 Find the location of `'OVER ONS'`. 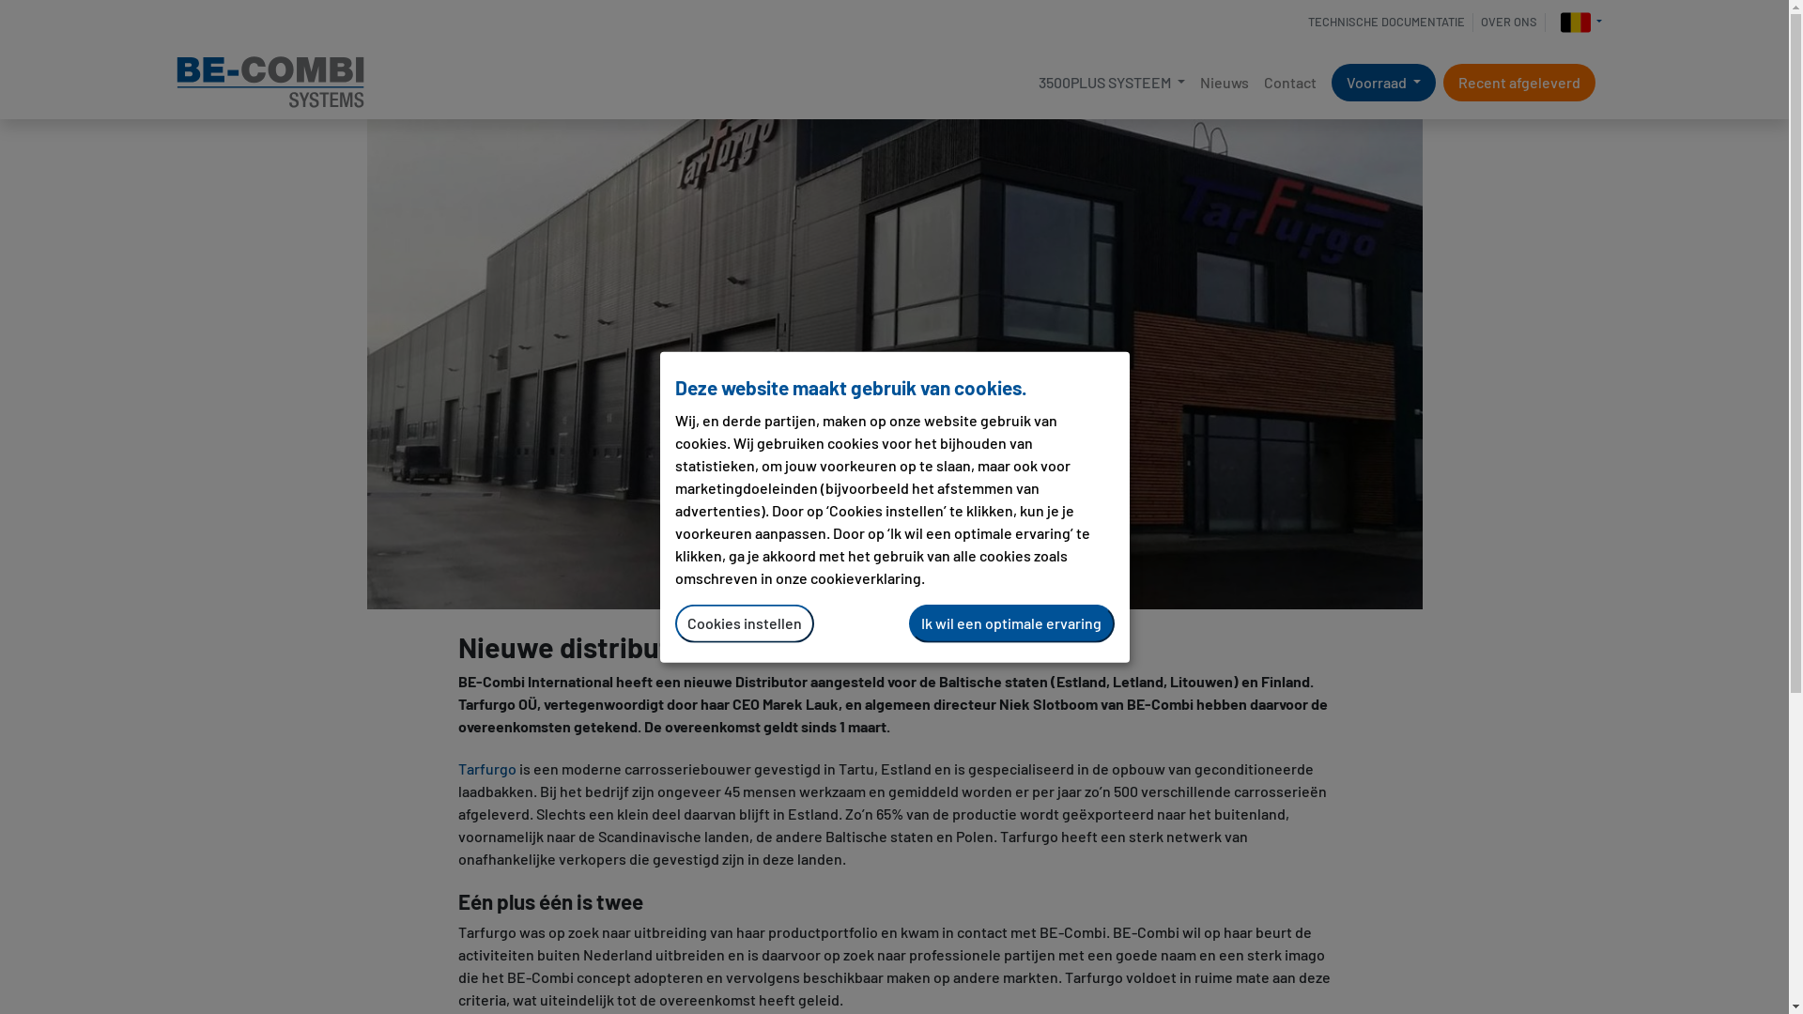

'OVER ONS' is located at coordinates (1509, 22).